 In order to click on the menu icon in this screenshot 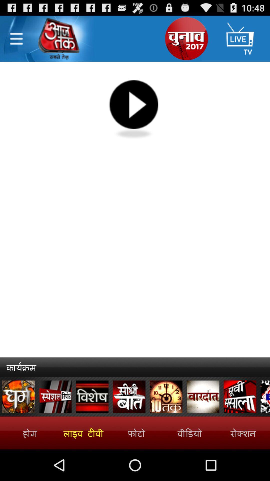, I will do `click(16, 41)`.